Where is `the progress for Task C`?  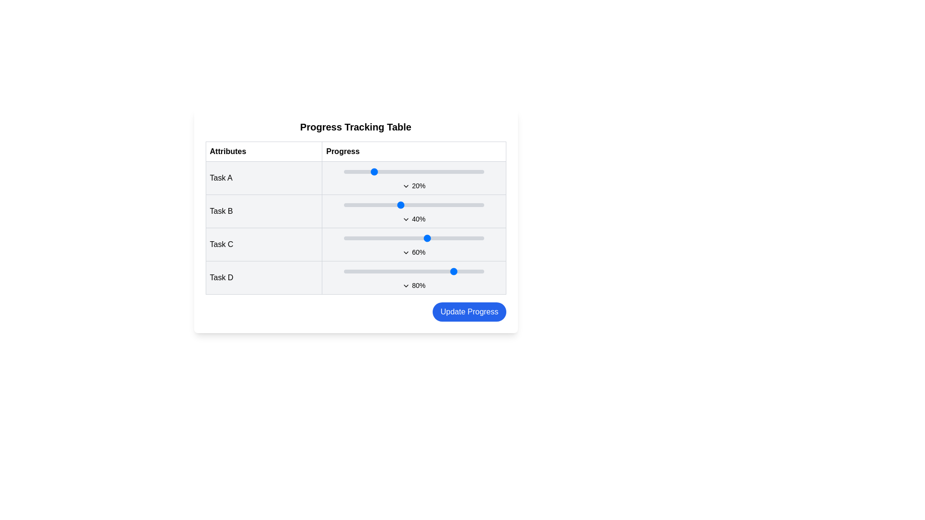
the progress for Task C is located at coordinates (444, 238).